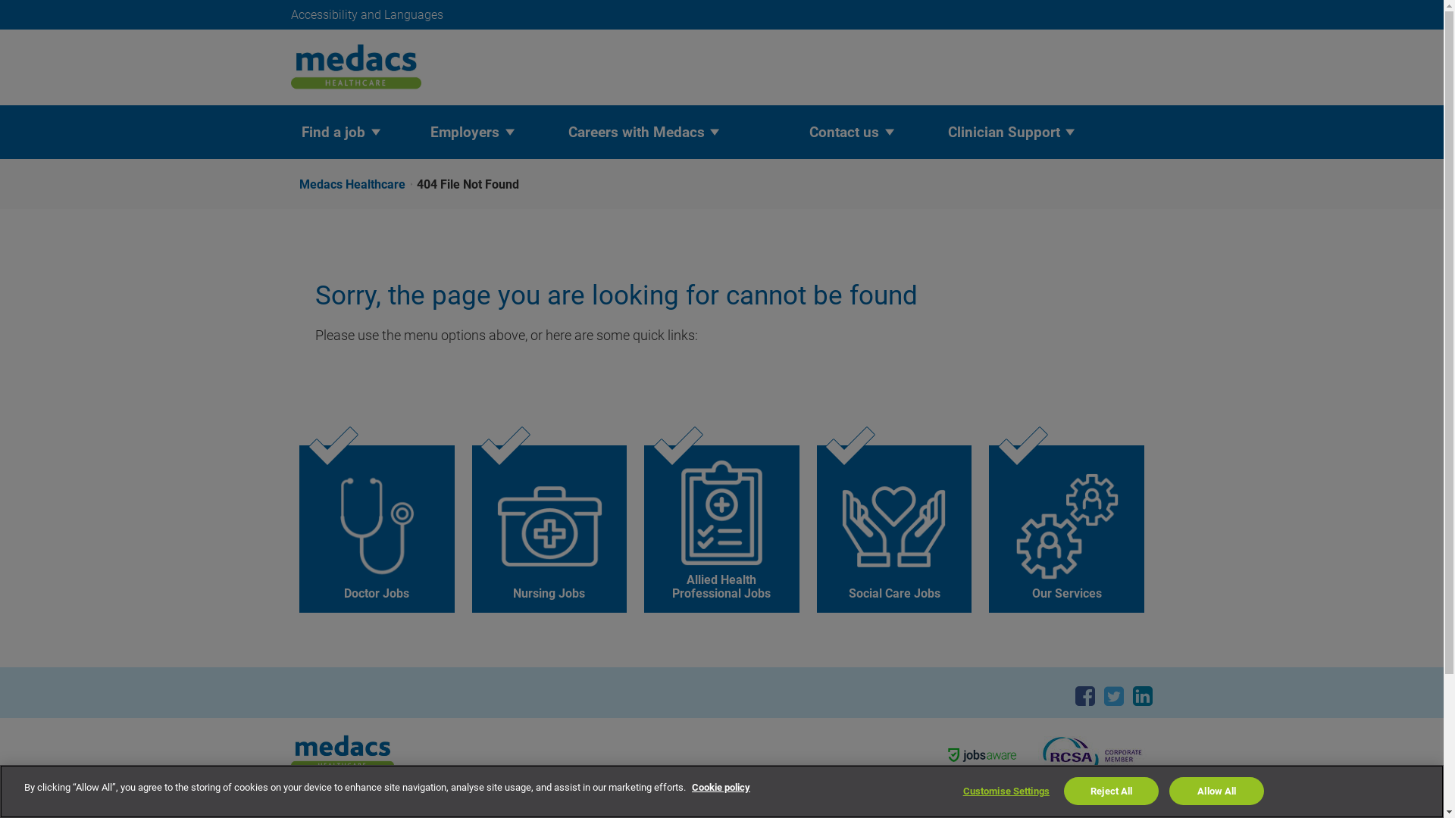 Image resolution: width=1455 pixels, height=818 pixels. What do you see at coordinates (843, 131) in the screenshot?
I see `'Contact us'` at bounding box center [843, 131].